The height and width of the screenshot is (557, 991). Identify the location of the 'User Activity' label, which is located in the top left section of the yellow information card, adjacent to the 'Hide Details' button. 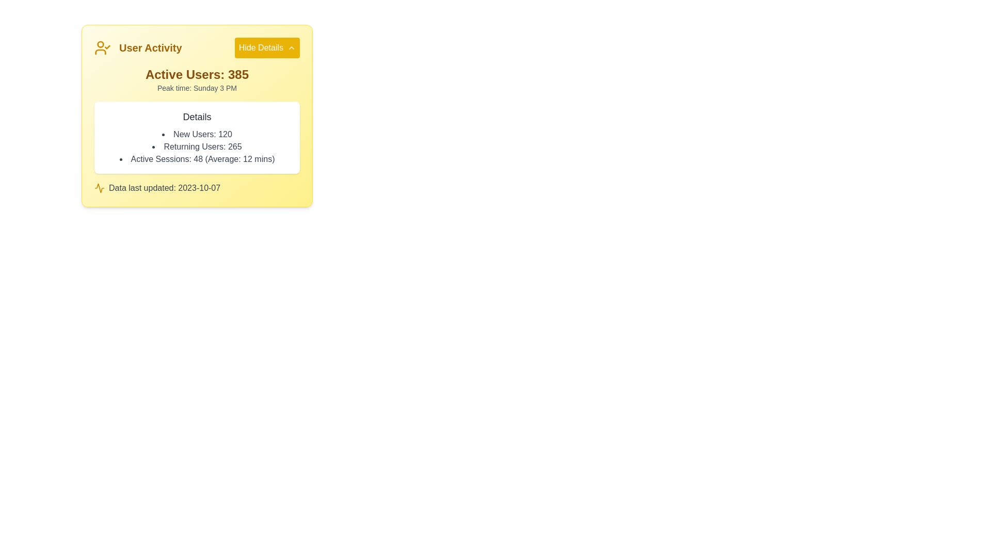
(137, 47).